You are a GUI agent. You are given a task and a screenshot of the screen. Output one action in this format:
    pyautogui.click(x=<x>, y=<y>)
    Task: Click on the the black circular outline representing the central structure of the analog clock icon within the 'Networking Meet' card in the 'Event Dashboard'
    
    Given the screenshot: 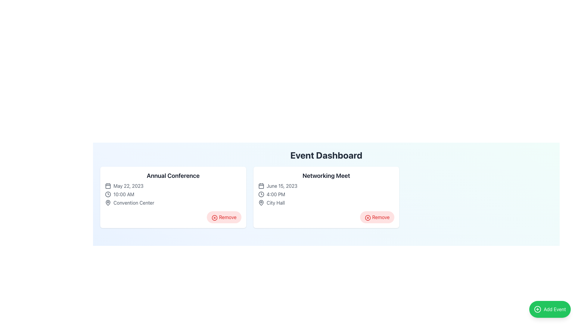 What is the action you would take?
    pyautogui.click(x=261, y=194)
    